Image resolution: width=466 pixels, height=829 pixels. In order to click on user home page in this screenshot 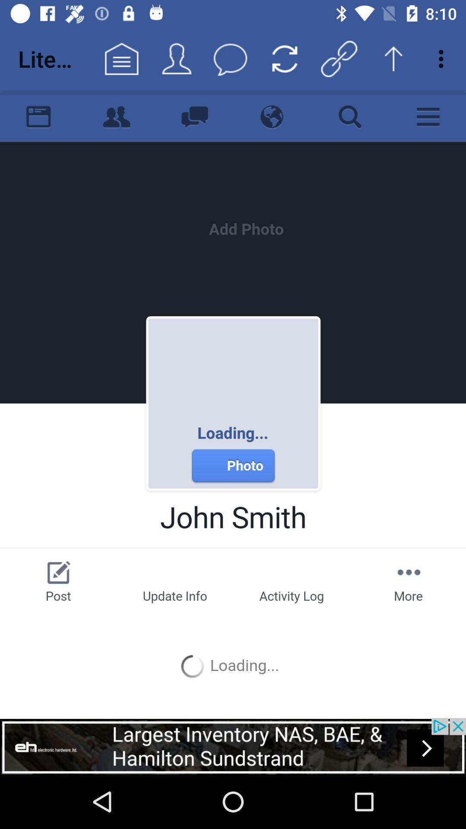, I will do `click(233, 404)`.